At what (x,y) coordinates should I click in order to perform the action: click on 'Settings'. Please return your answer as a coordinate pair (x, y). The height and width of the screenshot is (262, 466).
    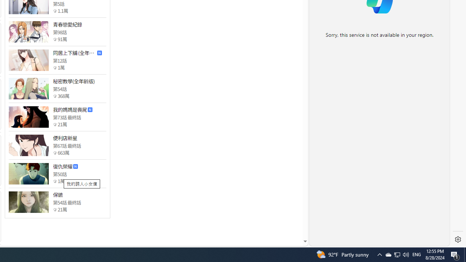
    Looking at the image, I should click on (458, 239).